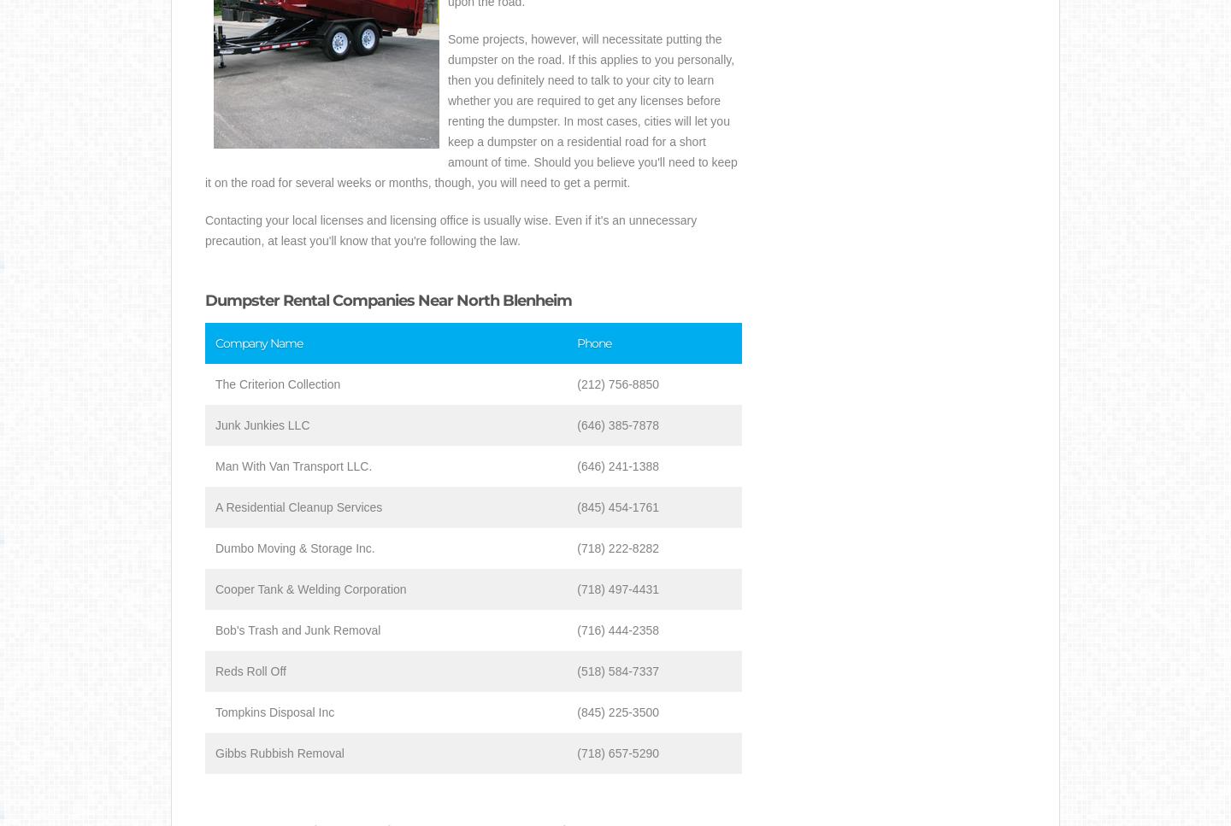  What do you see at coordinates (280, 753) in the screenshot?
I see `'Gibbs Rubbish Removal'` at bounding box center [280, 753].